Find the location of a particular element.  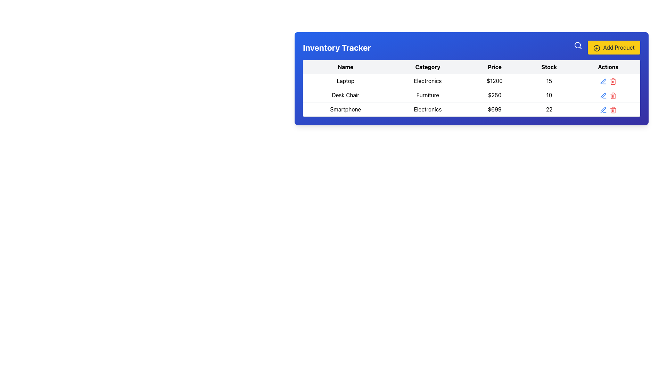

text 'Smartphone' located in the first cell of the last row of a table, under the 'Name' header is located at coordinates (345, 109).